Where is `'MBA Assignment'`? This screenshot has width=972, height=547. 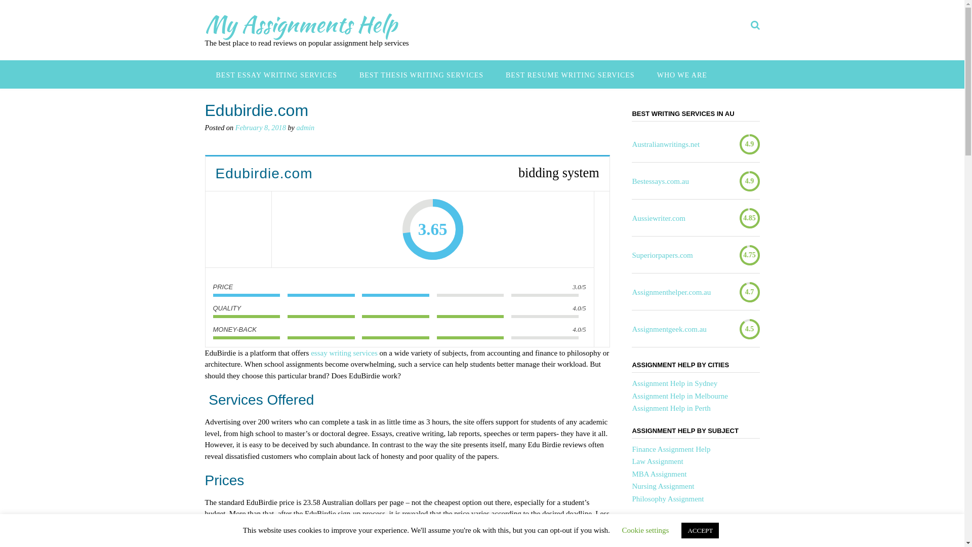 'MBA Assignment' is located at coordinates (631, 474).